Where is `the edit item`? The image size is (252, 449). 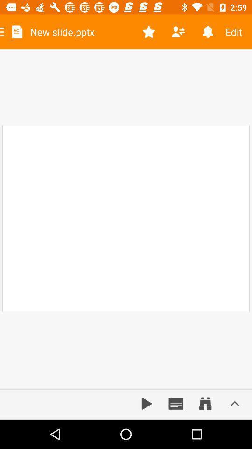
the edit item is located at coordinates (237, 32).